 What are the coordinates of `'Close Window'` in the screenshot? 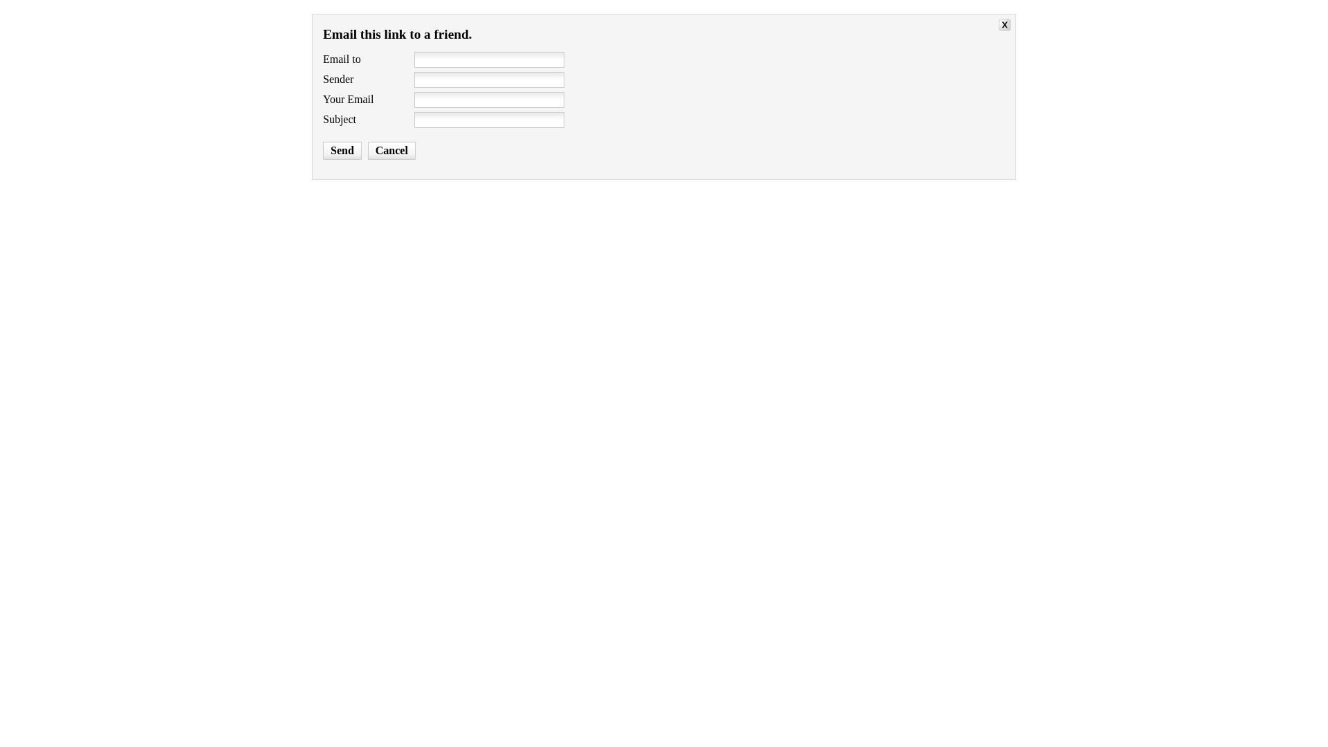 It's located at (998, 26).